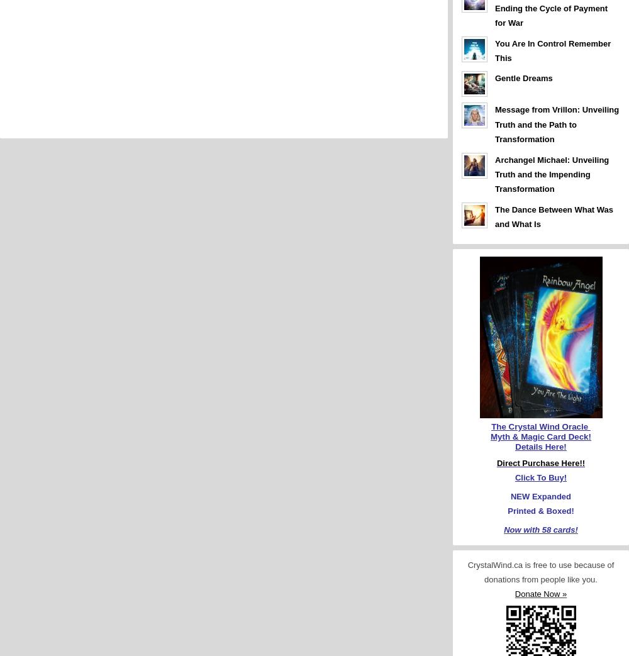  Describe the element at coordinates (553, 50) in the screenshot. I see `'You Are In Control Remember This'` at that location.